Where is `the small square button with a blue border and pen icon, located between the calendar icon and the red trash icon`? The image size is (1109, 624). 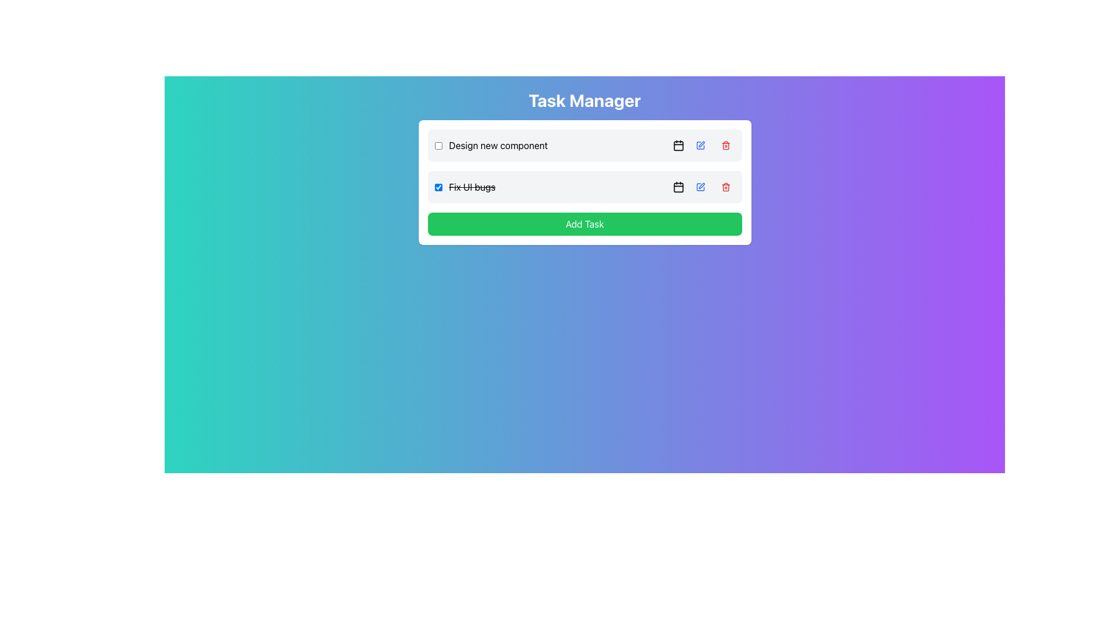 the small square button with a blue border and pen icon, located between the calendar icon and the red trash icon is located at coordinates (699, 187).